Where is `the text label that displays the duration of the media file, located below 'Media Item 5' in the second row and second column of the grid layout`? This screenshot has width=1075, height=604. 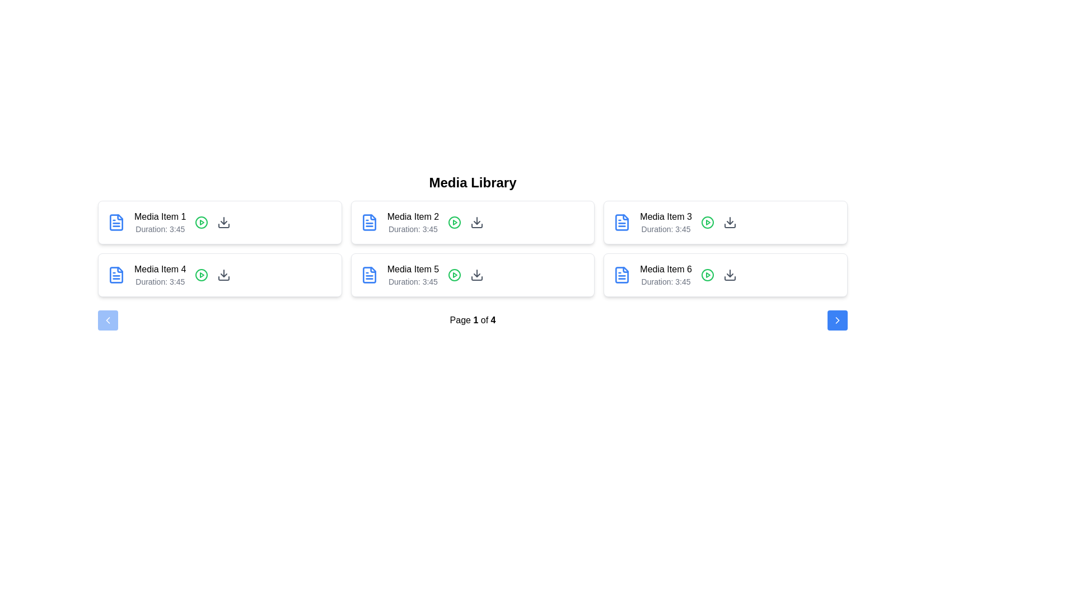 the text label that displays the duration of the media file, located below 'Media Item 5' in the second row and second column of the grid layout is located at coordinates (412, 281).